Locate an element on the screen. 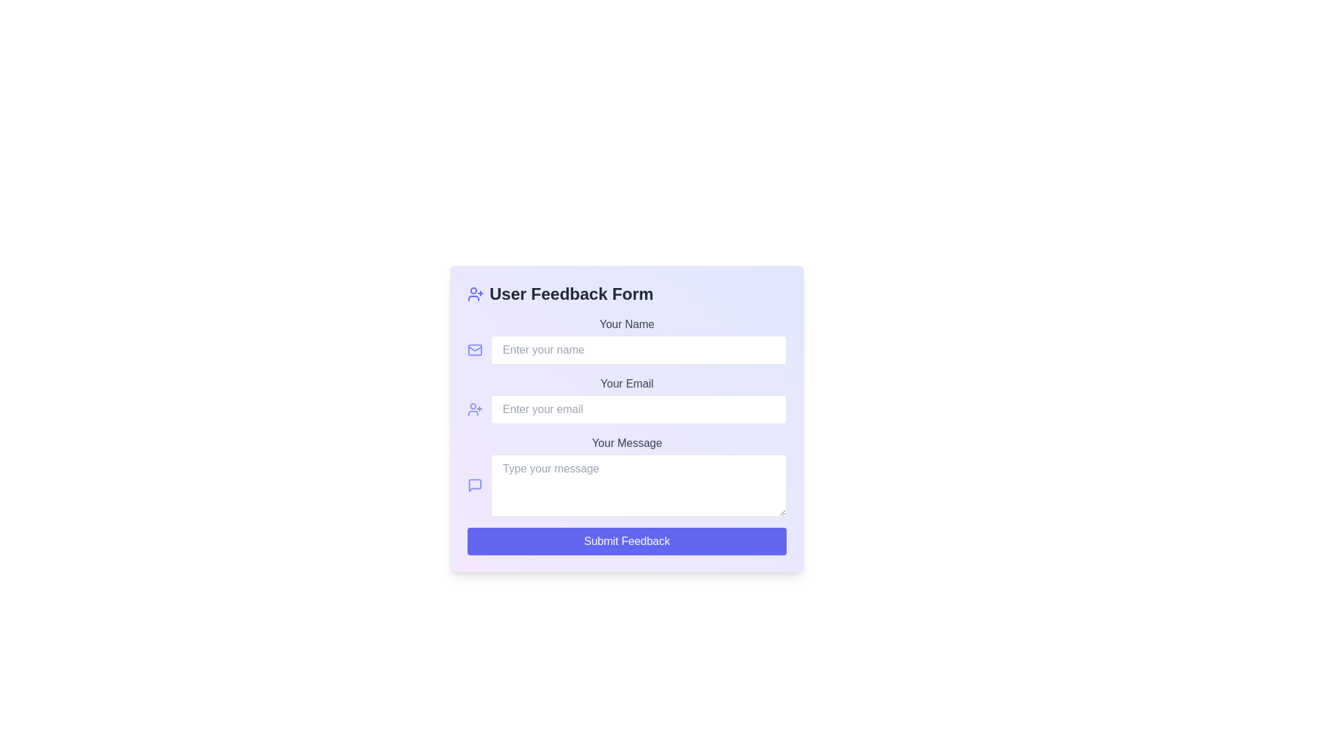  the indigo blue user-plus icon located to the left of the 'User Feedback Form' title is located at coordinates (476, 293).